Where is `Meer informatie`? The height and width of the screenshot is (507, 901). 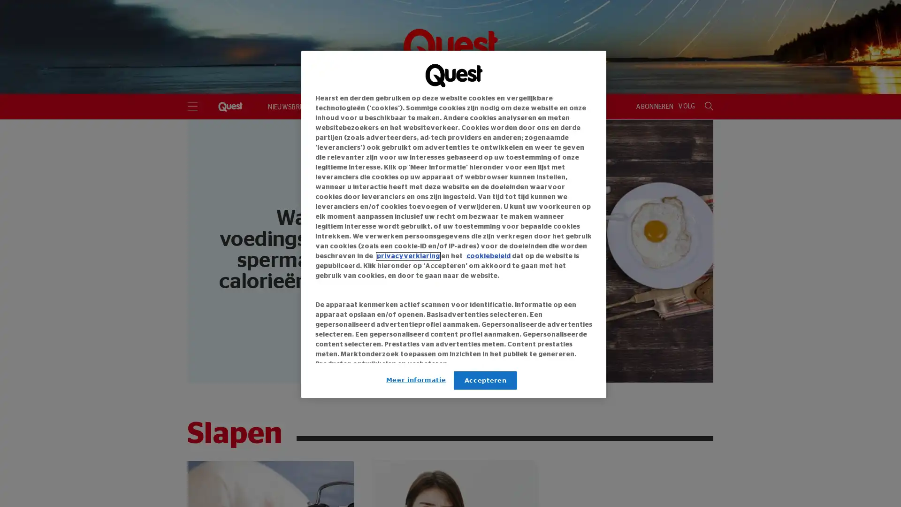
Meer informatie is located at coordinates (415, 379).